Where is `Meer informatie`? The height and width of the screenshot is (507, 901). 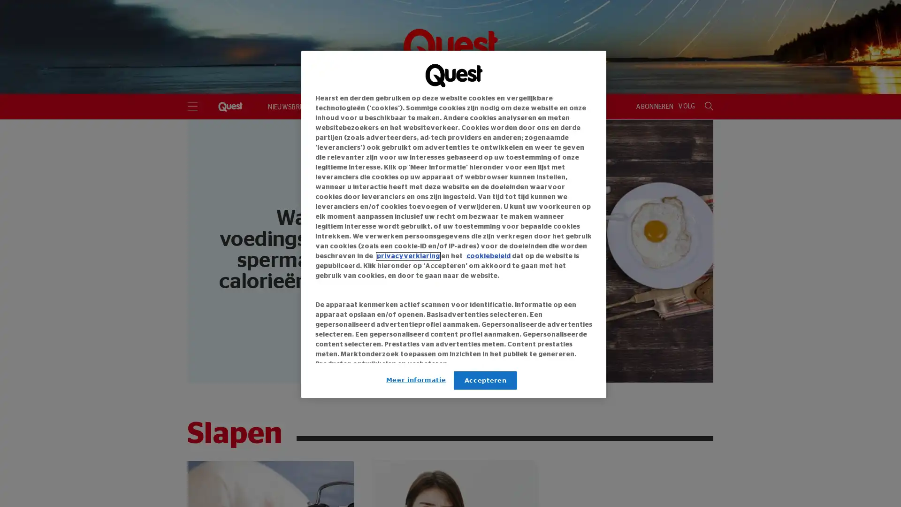
Meer informatie is located at coordinates (415, 379).